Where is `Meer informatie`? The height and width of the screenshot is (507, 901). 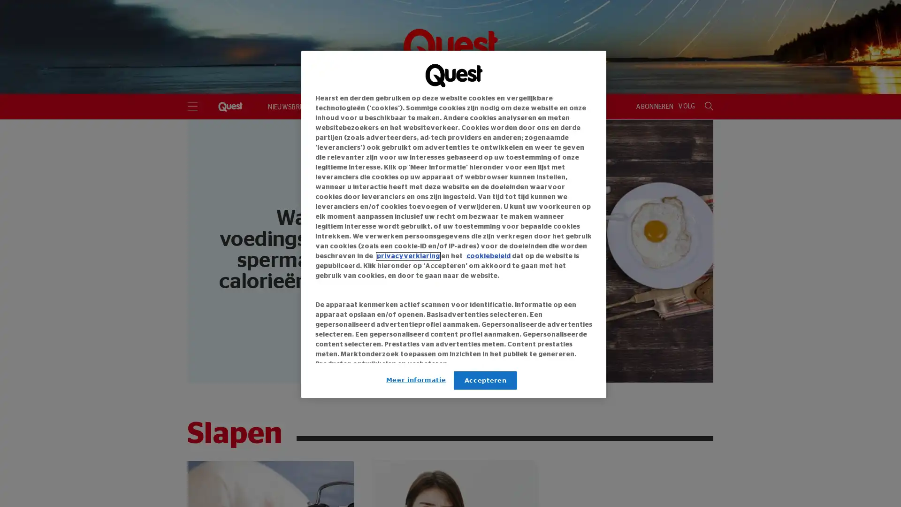
Meer informatie is located at coordinates (415, 379).